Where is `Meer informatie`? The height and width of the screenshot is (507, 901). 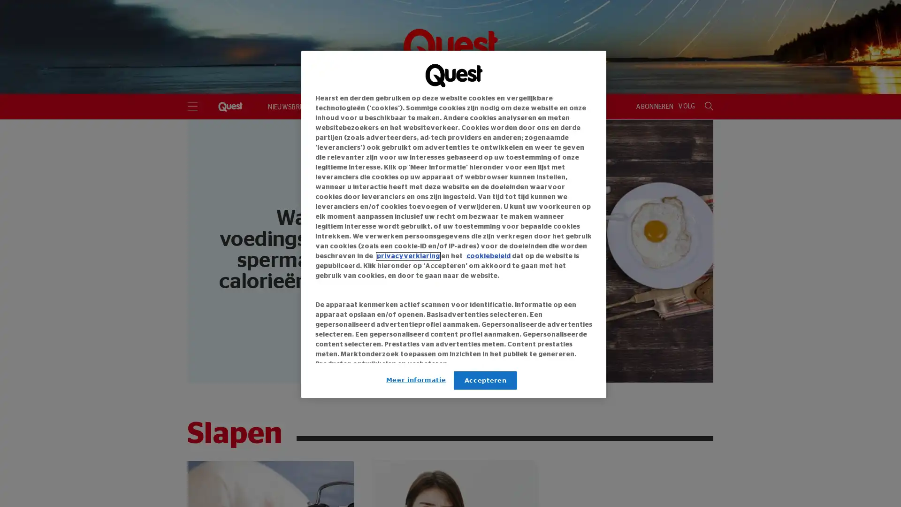
Meer informatie is located at coordinates (415, 379).